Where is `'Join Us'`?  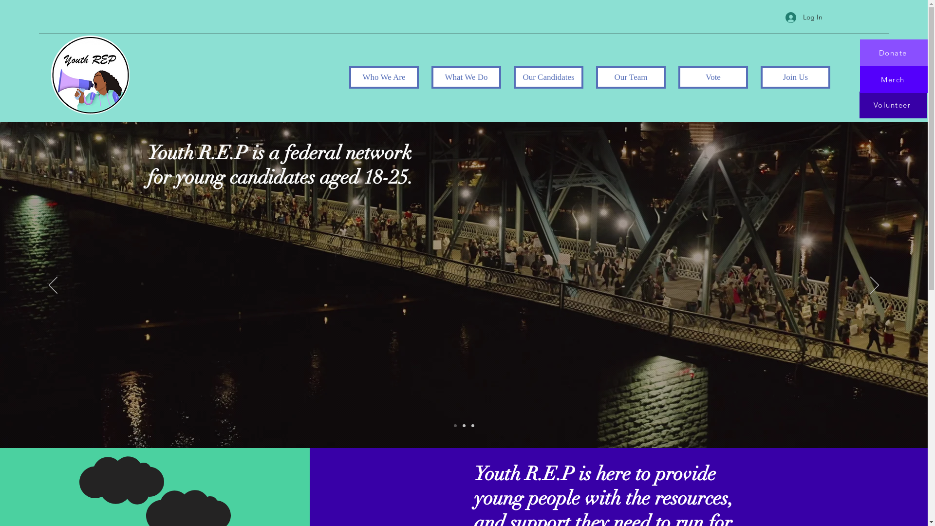 'Join Us' is located at coordinates (795, 76).